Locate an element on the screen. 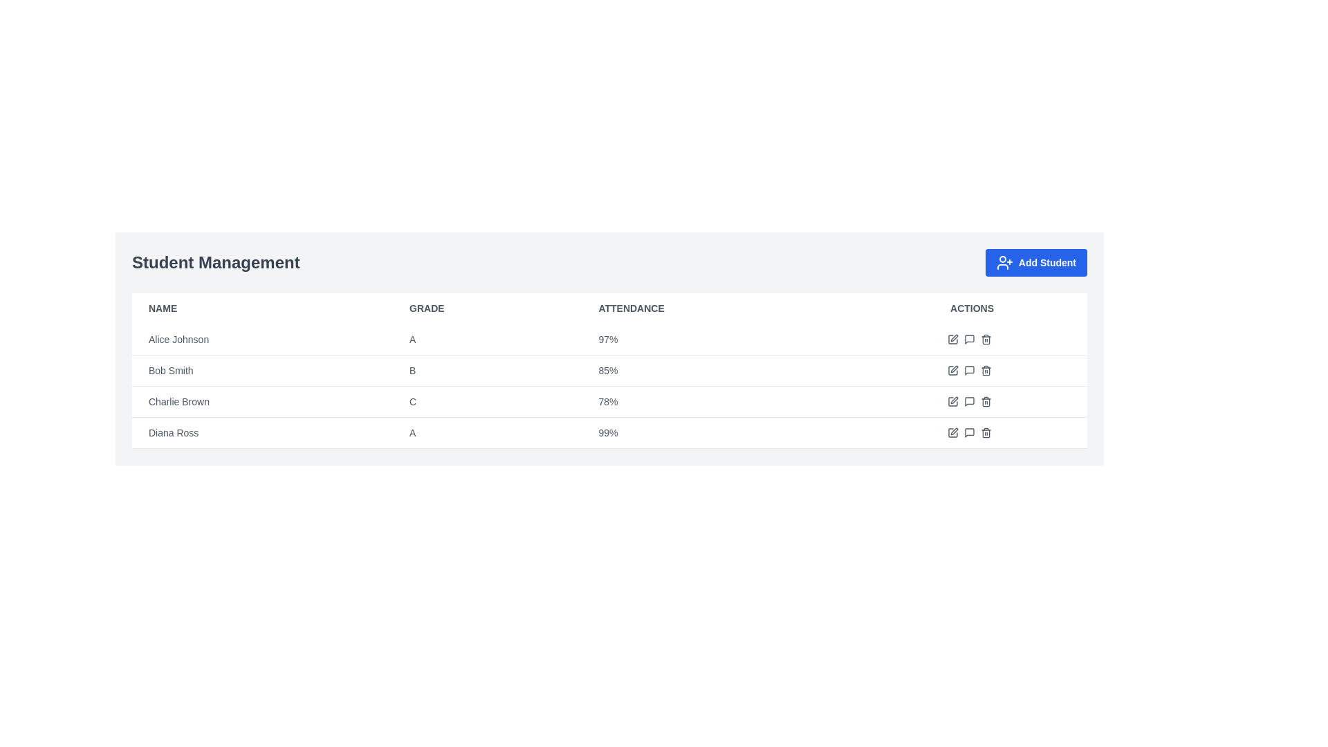 The height and width of the screenshot is (747, 1328). the trash can icon element, which is part of the actions for 'Bob Smith' is located at coordinates (985, 371).